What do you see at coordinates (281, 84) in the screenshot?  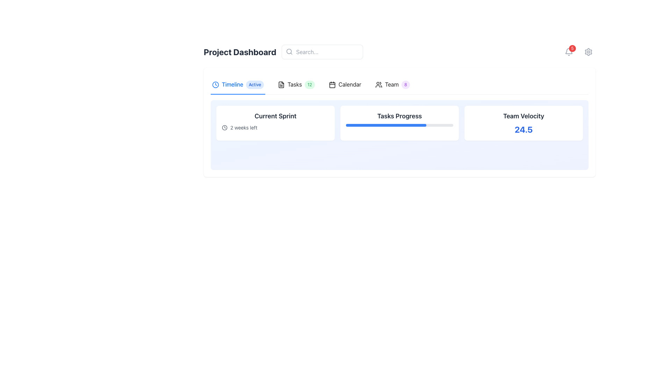 I see `the 'Tasks' icon in the top navigation menu` at bounding box center [281, 84].